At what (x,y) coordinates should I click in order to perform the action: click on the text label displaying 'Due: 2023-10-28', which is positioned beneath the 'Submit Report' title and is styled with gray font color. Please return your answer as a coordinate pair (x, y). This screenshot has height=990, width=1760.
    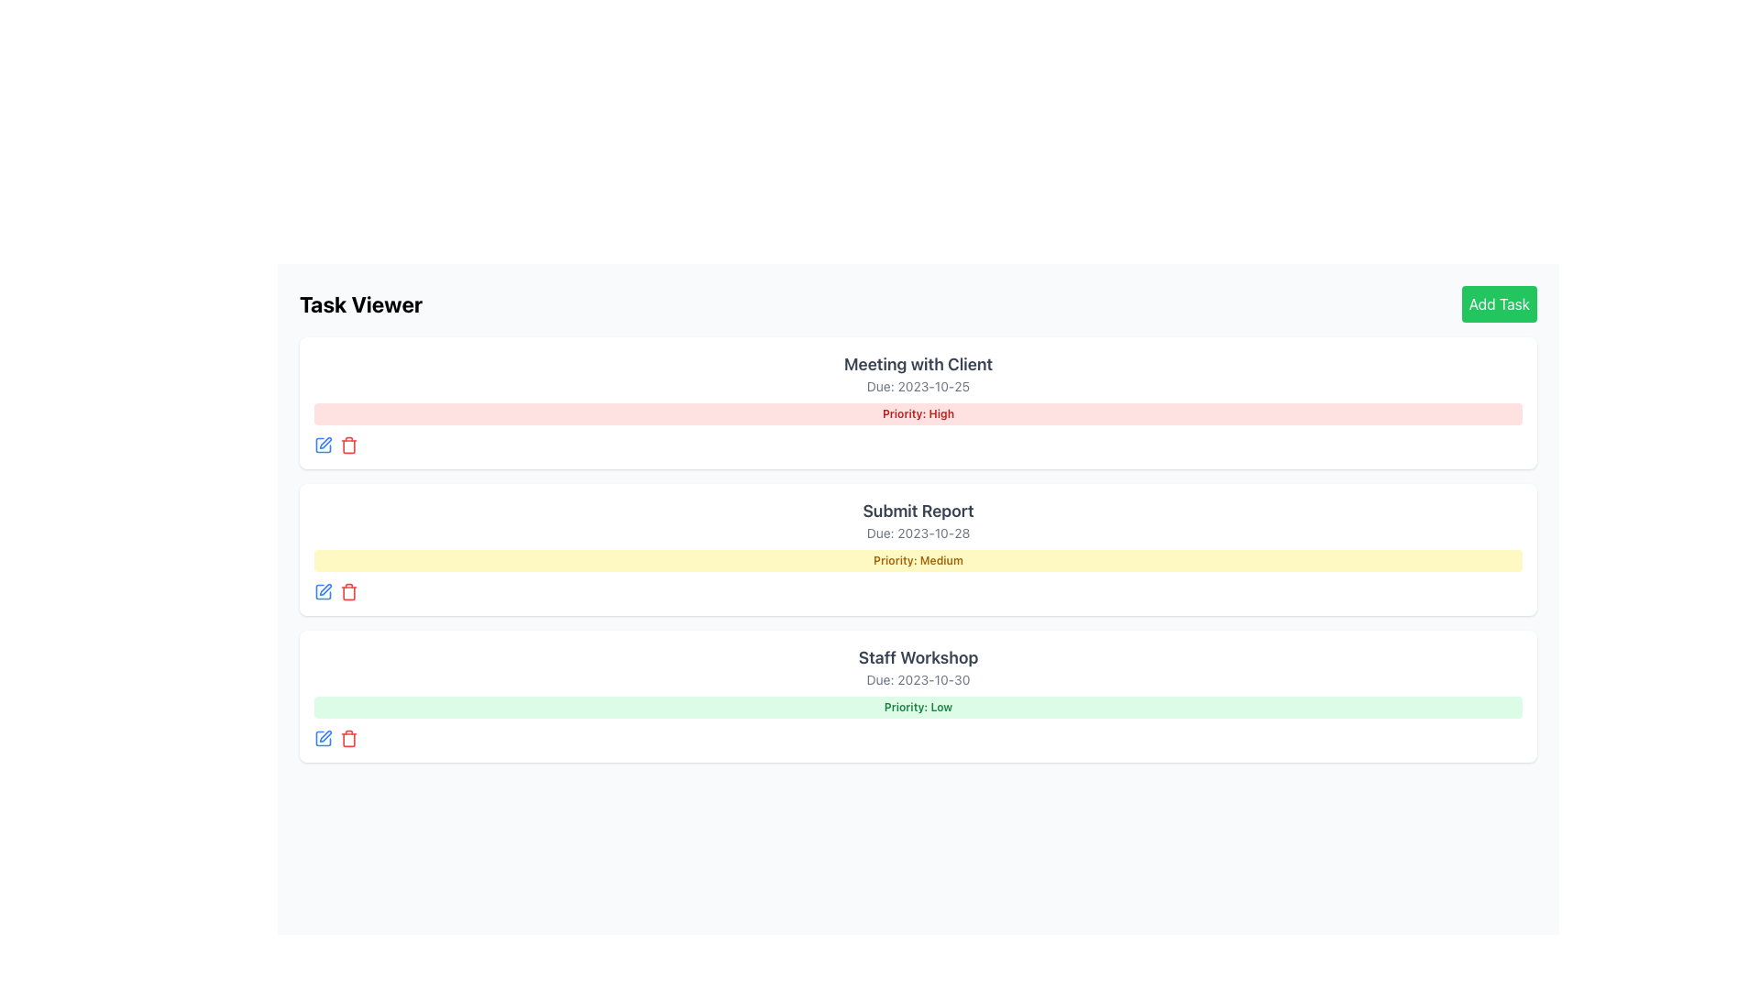
    Looking at the image, I should click on (918, 533).